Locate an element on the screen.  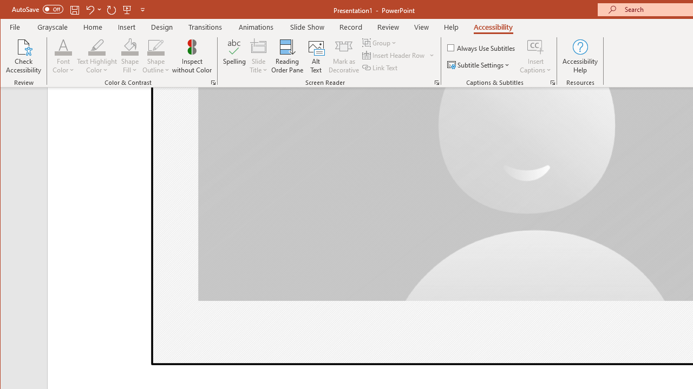
'Link Text' is located at coordinates (381, 68).